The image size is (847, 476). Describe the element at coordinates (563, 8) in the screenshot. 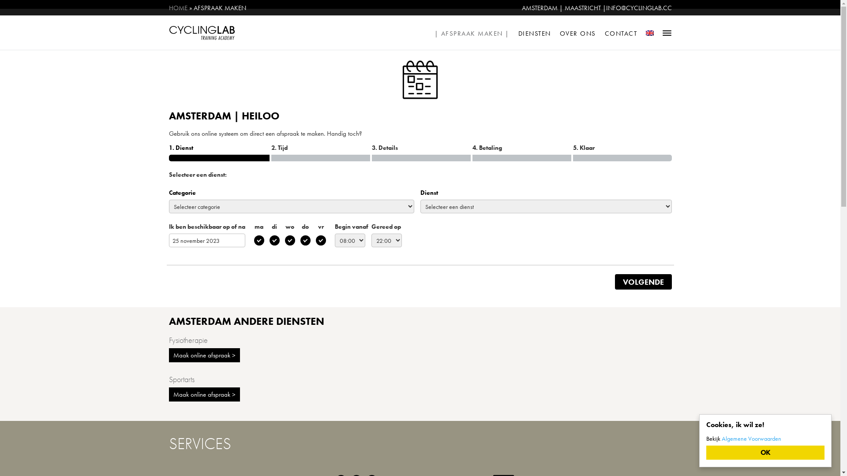

I see `'AMSTERDAM | MAASTRICHT |'` at that location.